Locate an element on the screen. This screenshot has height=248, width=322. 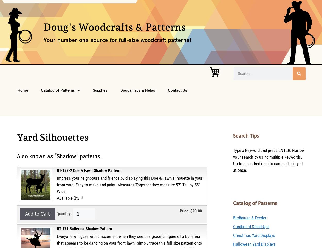
'DT-171 Ballerina Shadow Pattern' is located at coordinates (57, 228).